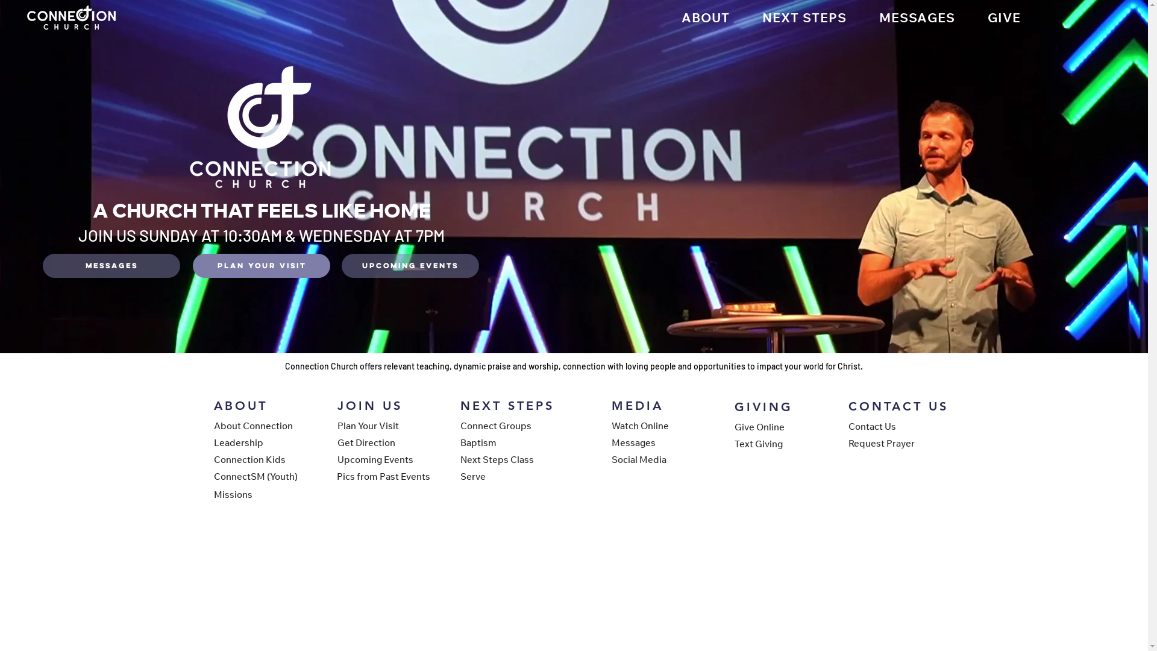 Image resolution: width=1157 pixels, height=651 pixels. What do you see at coordinates (733, 444) in the screenshot?
I see `'Text Giving'` at bounding box center [733, 444].